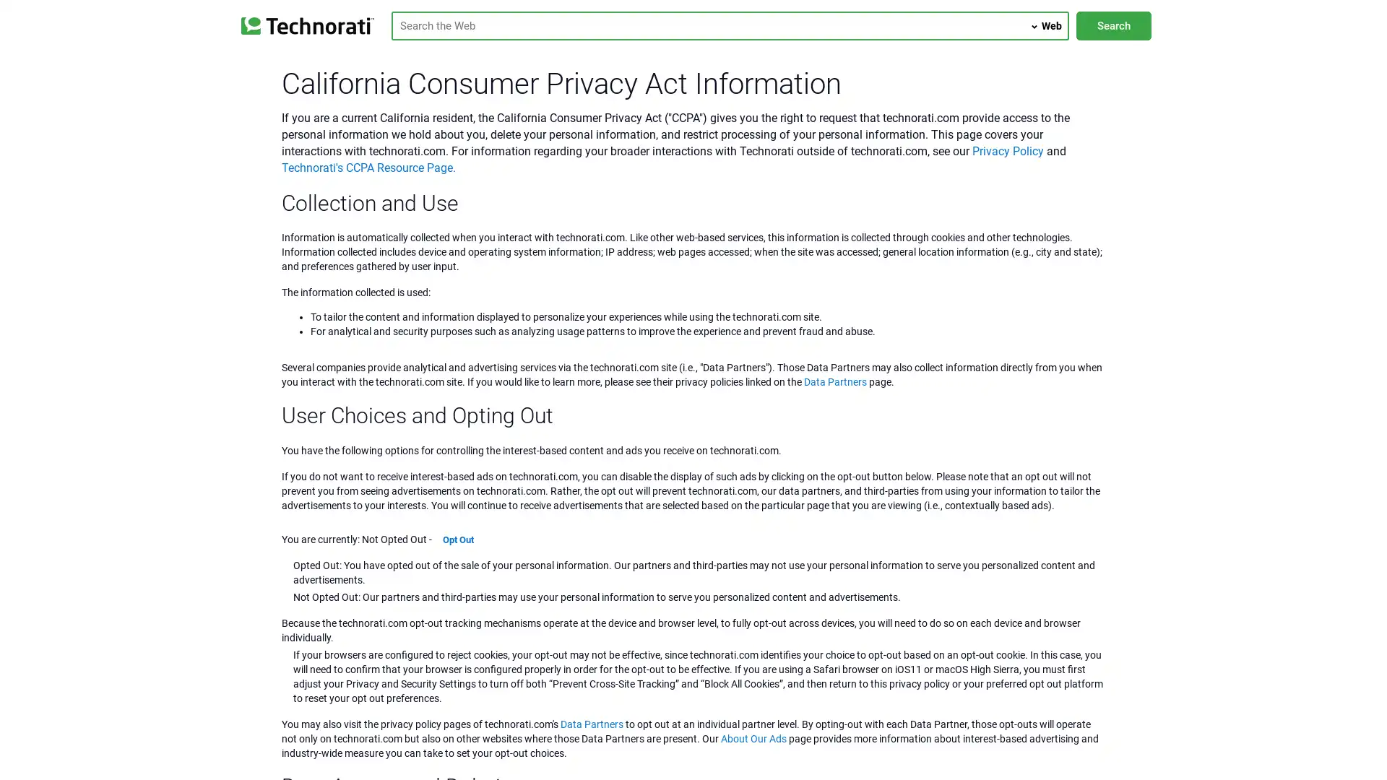 This screenshot has width=1387, height=780. Describe the element at coordinates (457, 539) in the screenshot. I see `Opt Out` at that location.